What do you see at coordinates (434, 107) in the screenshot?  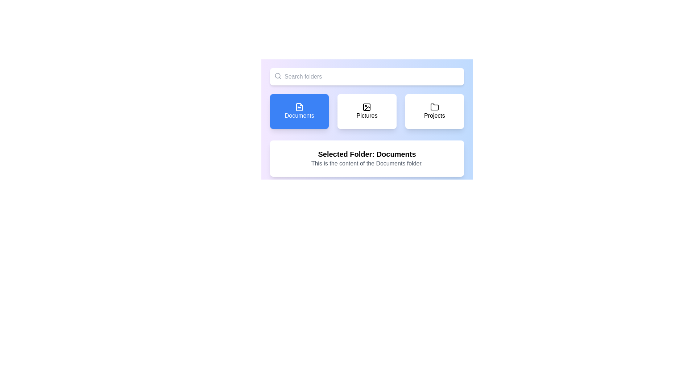 I see `the folder icon representing the 'Projects' section, located at the top-center of the 'Projects' card, as a visual cue` at bounding box center [434, 107].